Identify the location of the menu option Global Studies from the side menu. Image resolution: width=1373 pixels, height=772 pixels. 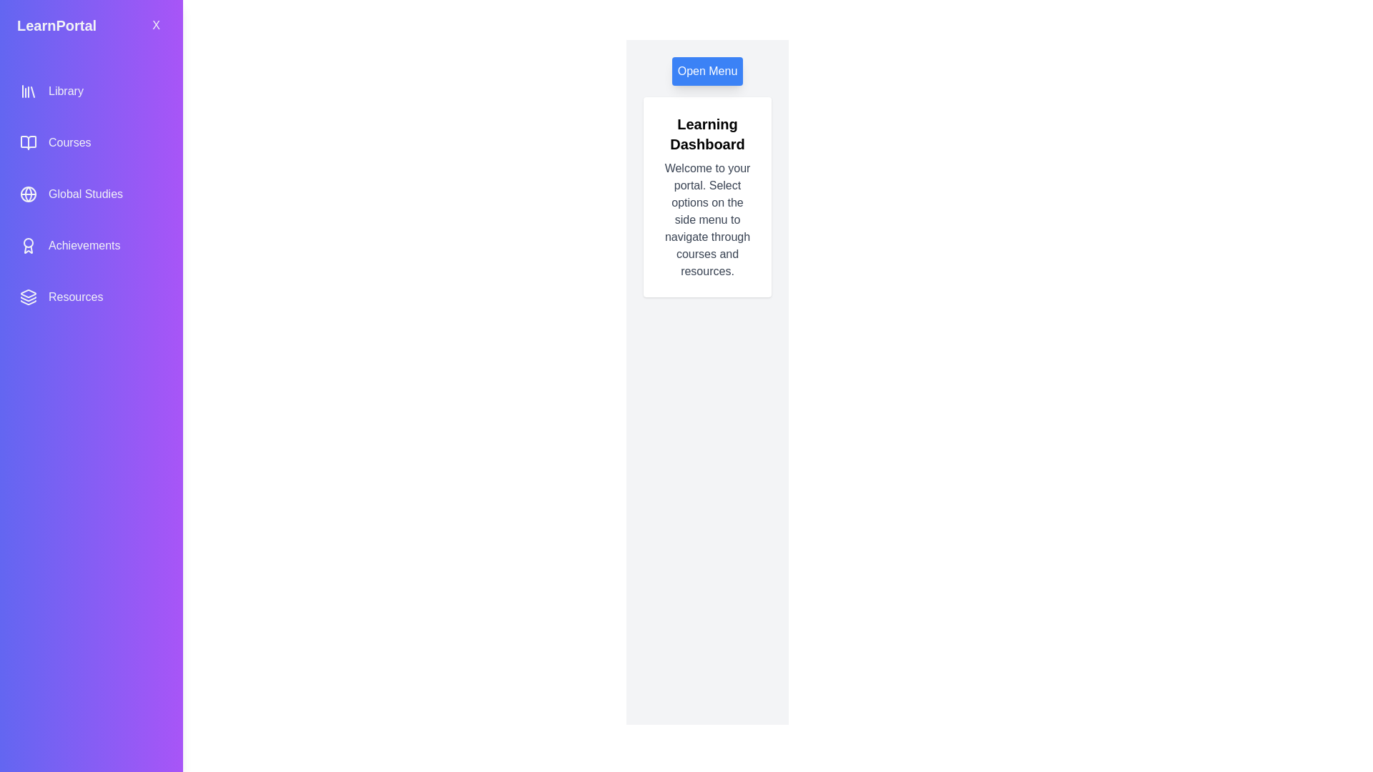
(91, 194).